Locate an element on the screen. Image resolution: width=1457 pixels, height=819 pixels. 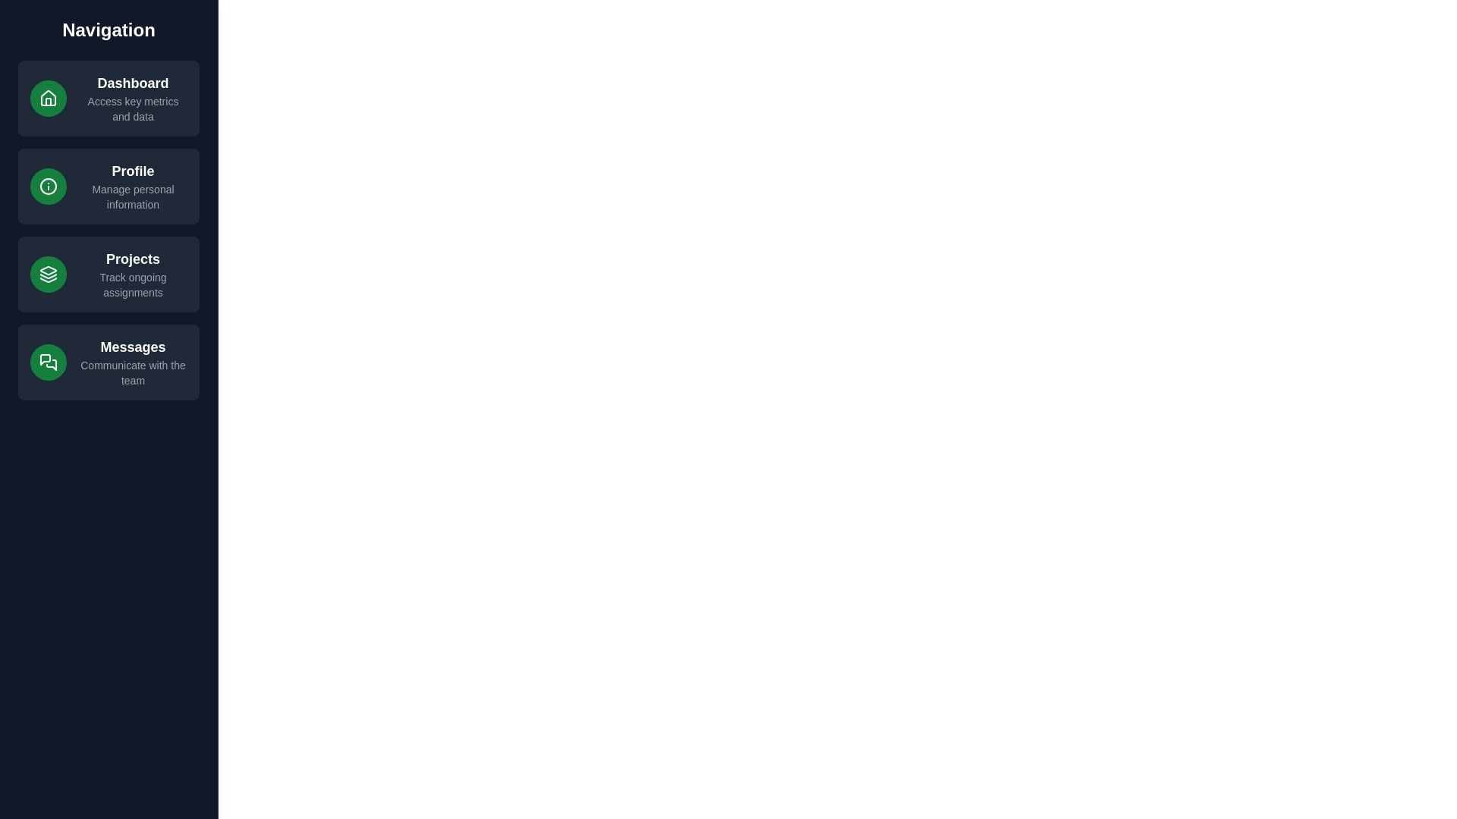
the icon associated with the Messages navigation item is located at coordinates (48, 362).